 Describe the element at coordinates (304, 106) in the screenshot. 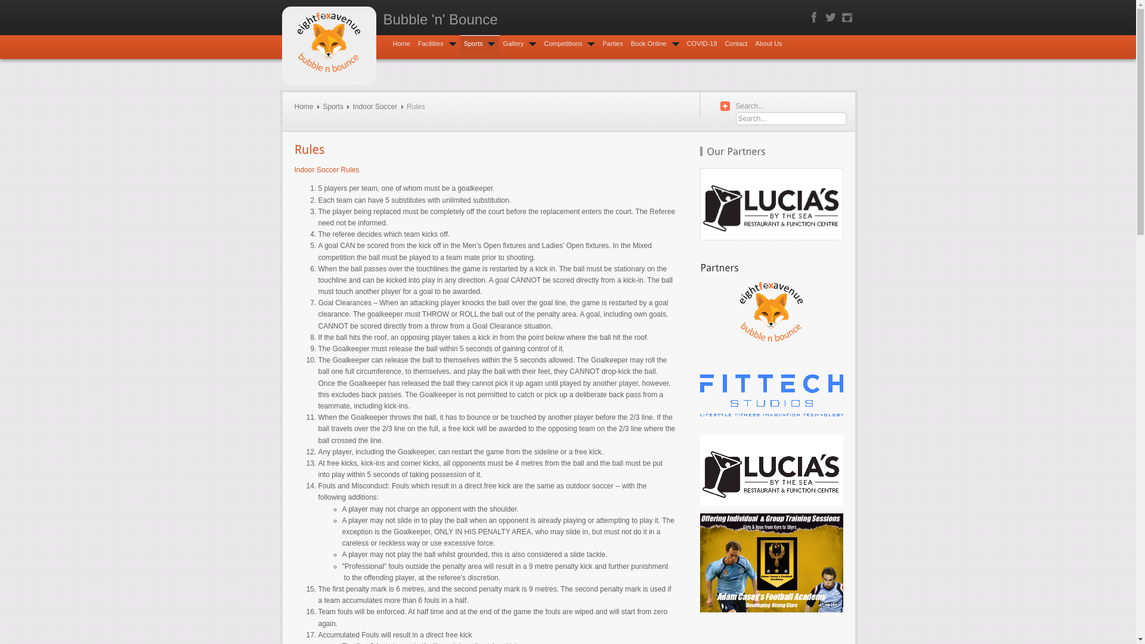

I see `'Home'` at that location.